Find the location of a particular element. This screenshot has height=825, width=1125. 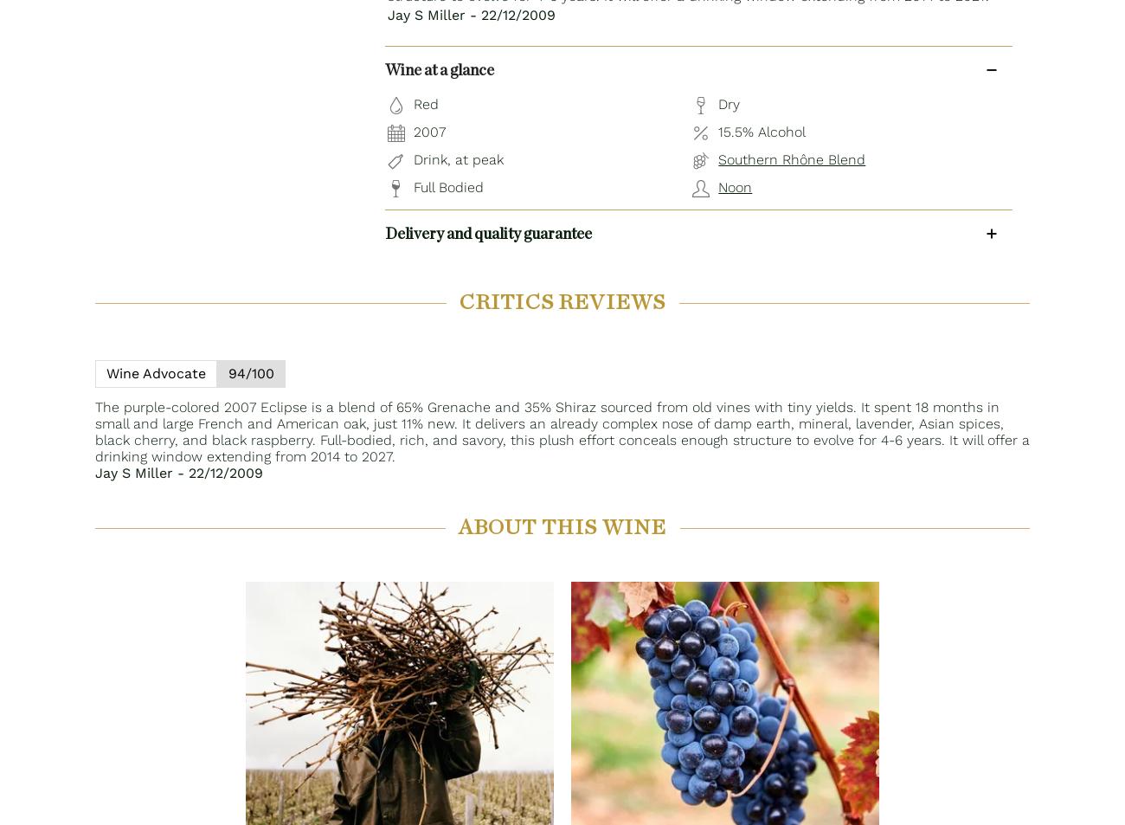

'at a glance' is located at coordinates (457, 69).